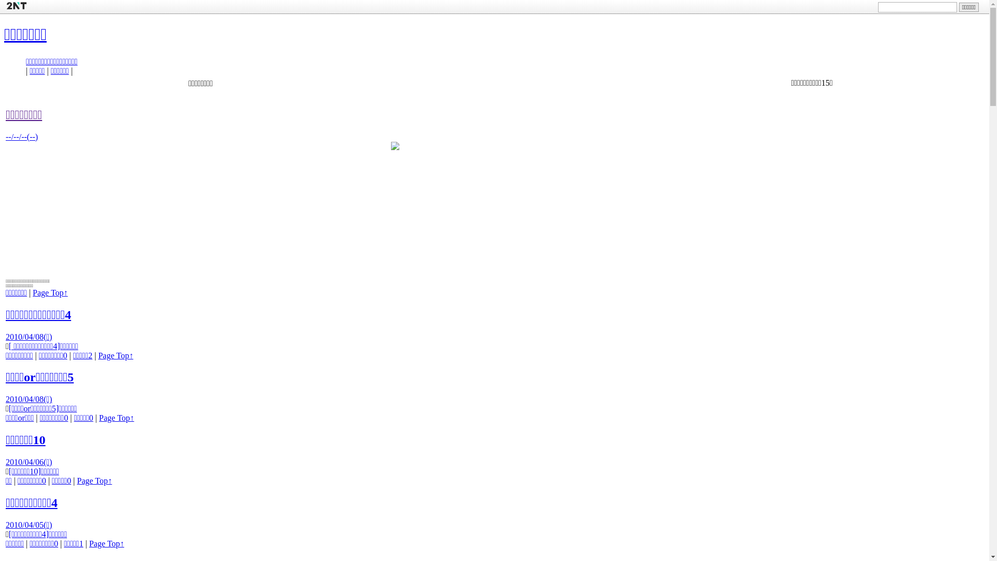  I want to click on '--/--/--(--)', so click(22, 136).